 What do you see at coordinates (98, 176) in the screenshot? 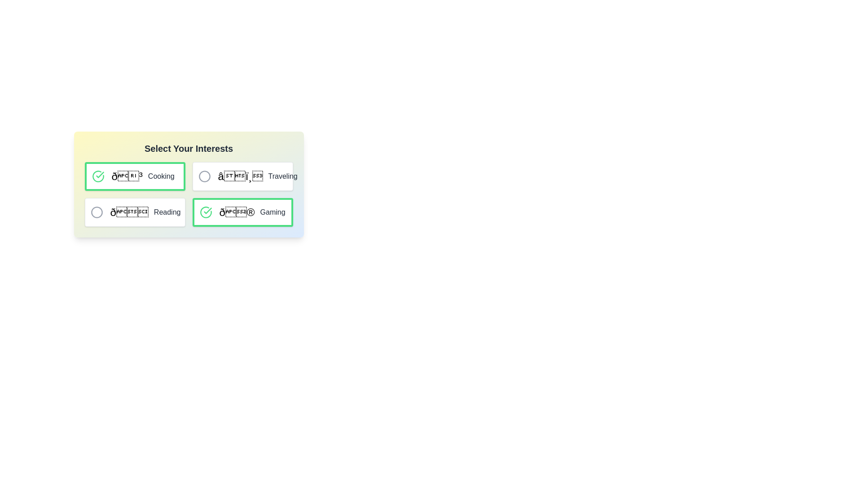
I see `the interest Cooking` at bounding box center [98, 176].